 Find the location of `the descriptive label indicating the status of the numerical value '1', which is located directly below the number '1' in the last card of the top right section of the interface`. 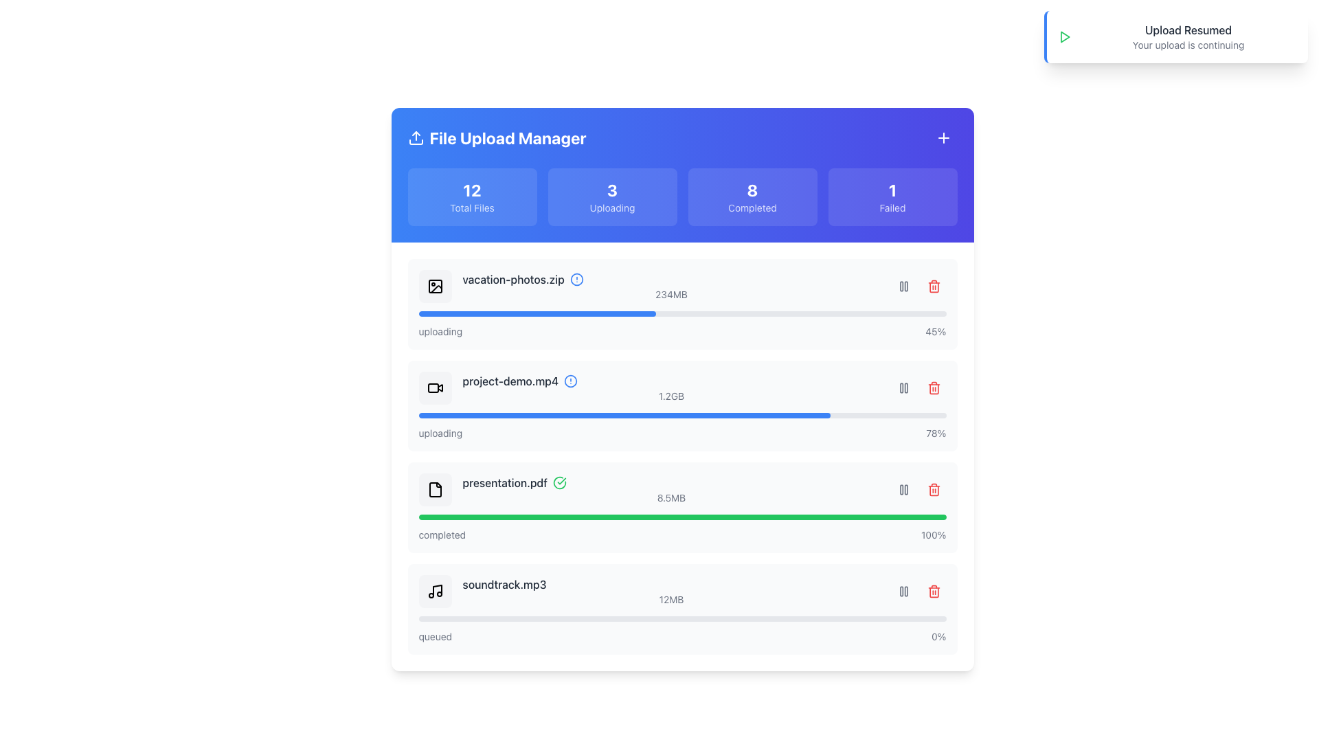

the descriptive label indicating the status of the numerical value '1', which is located directly below the number '1' in the last card of the top right section of the interface is located at coordinates (892, 208).